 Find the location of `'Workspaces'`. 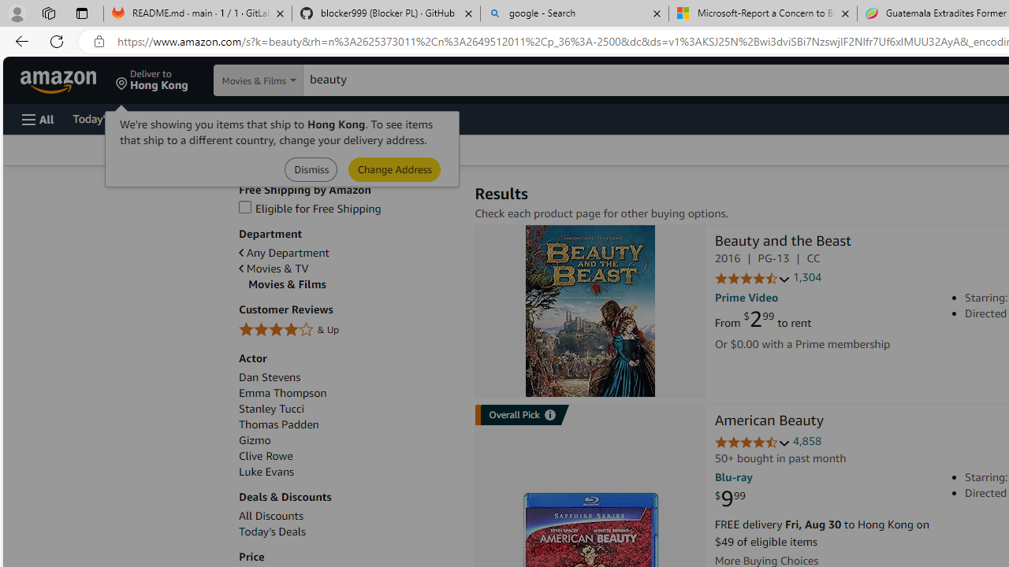

'Workspaces' is located at coordinates (48, 13).